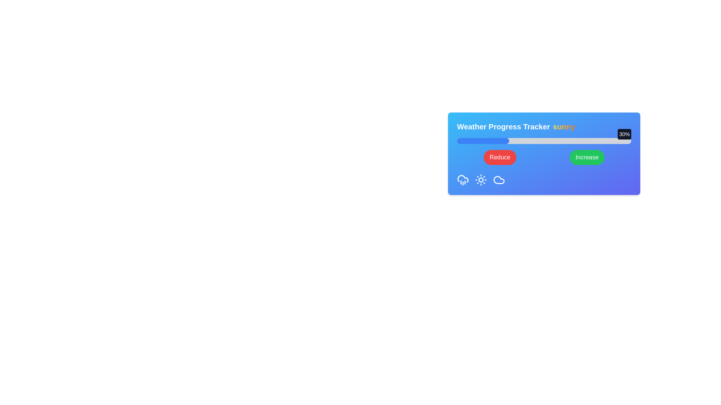  What do you see at coordinates (564, 126) in the screenshot?
I see `the text label displaying 'sunny' with a gradient effect, located to the right of the 'Weather Progress Tracker' within the weather interface` at bounding box center [564, 126].